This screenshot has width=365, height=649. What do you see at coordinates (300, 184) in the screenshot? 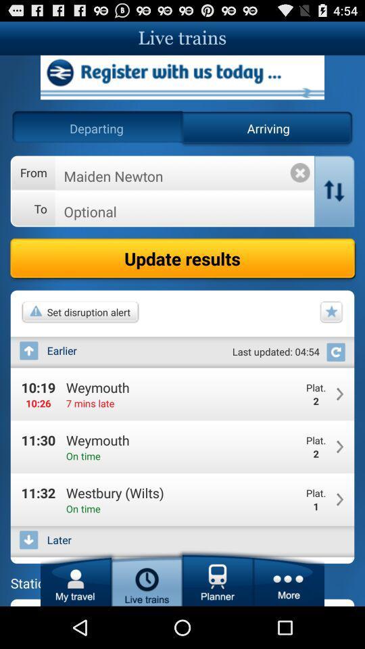
I see `the close icon` at bounding box center [300, 184].